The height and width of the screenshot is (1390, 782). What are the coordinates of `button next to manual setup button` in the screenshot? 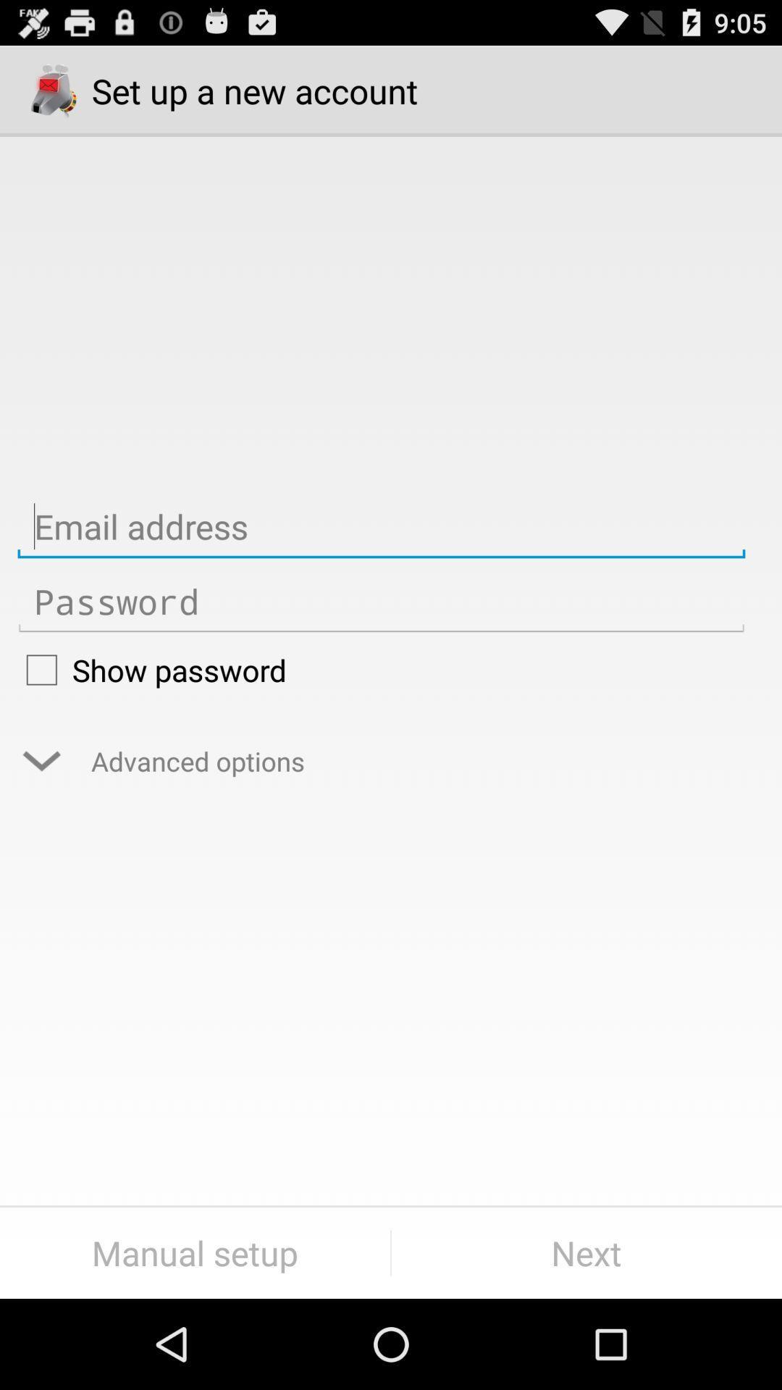 It's located at (586, 1252).